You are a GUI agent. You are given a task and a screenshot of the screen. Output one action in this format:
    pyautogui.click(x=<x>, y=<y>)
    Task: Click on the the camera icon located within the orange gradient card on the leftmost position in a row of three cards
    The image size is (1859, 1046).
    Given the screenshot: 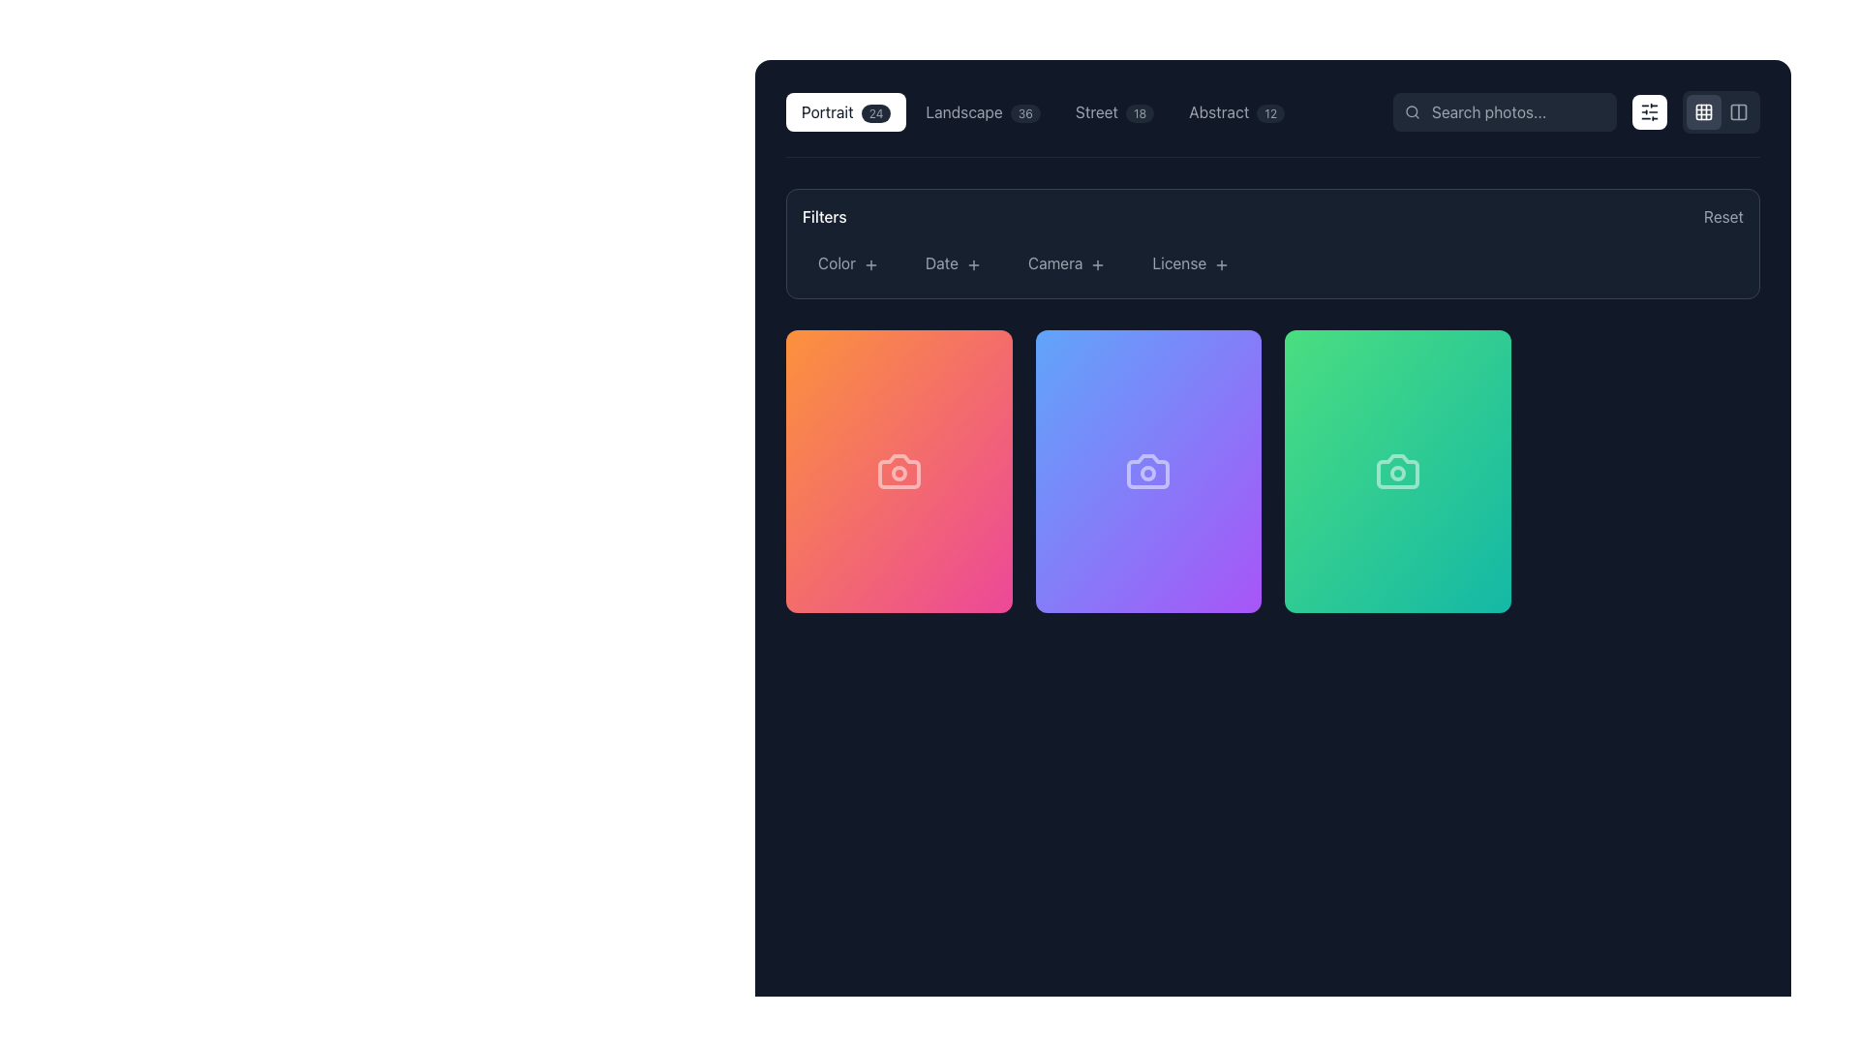 What is the action you would take?
    pyautogui.click(x=898, y=471)
    